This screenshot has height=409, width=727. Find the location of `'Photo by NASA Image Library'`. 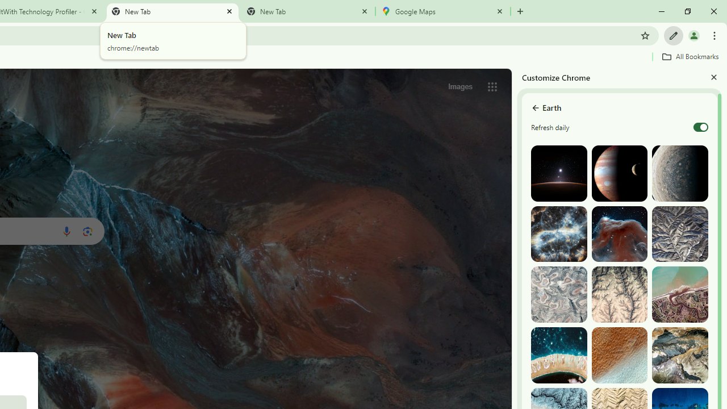

'Photo by NASA Image Library' is located at coordinates (619, 233).